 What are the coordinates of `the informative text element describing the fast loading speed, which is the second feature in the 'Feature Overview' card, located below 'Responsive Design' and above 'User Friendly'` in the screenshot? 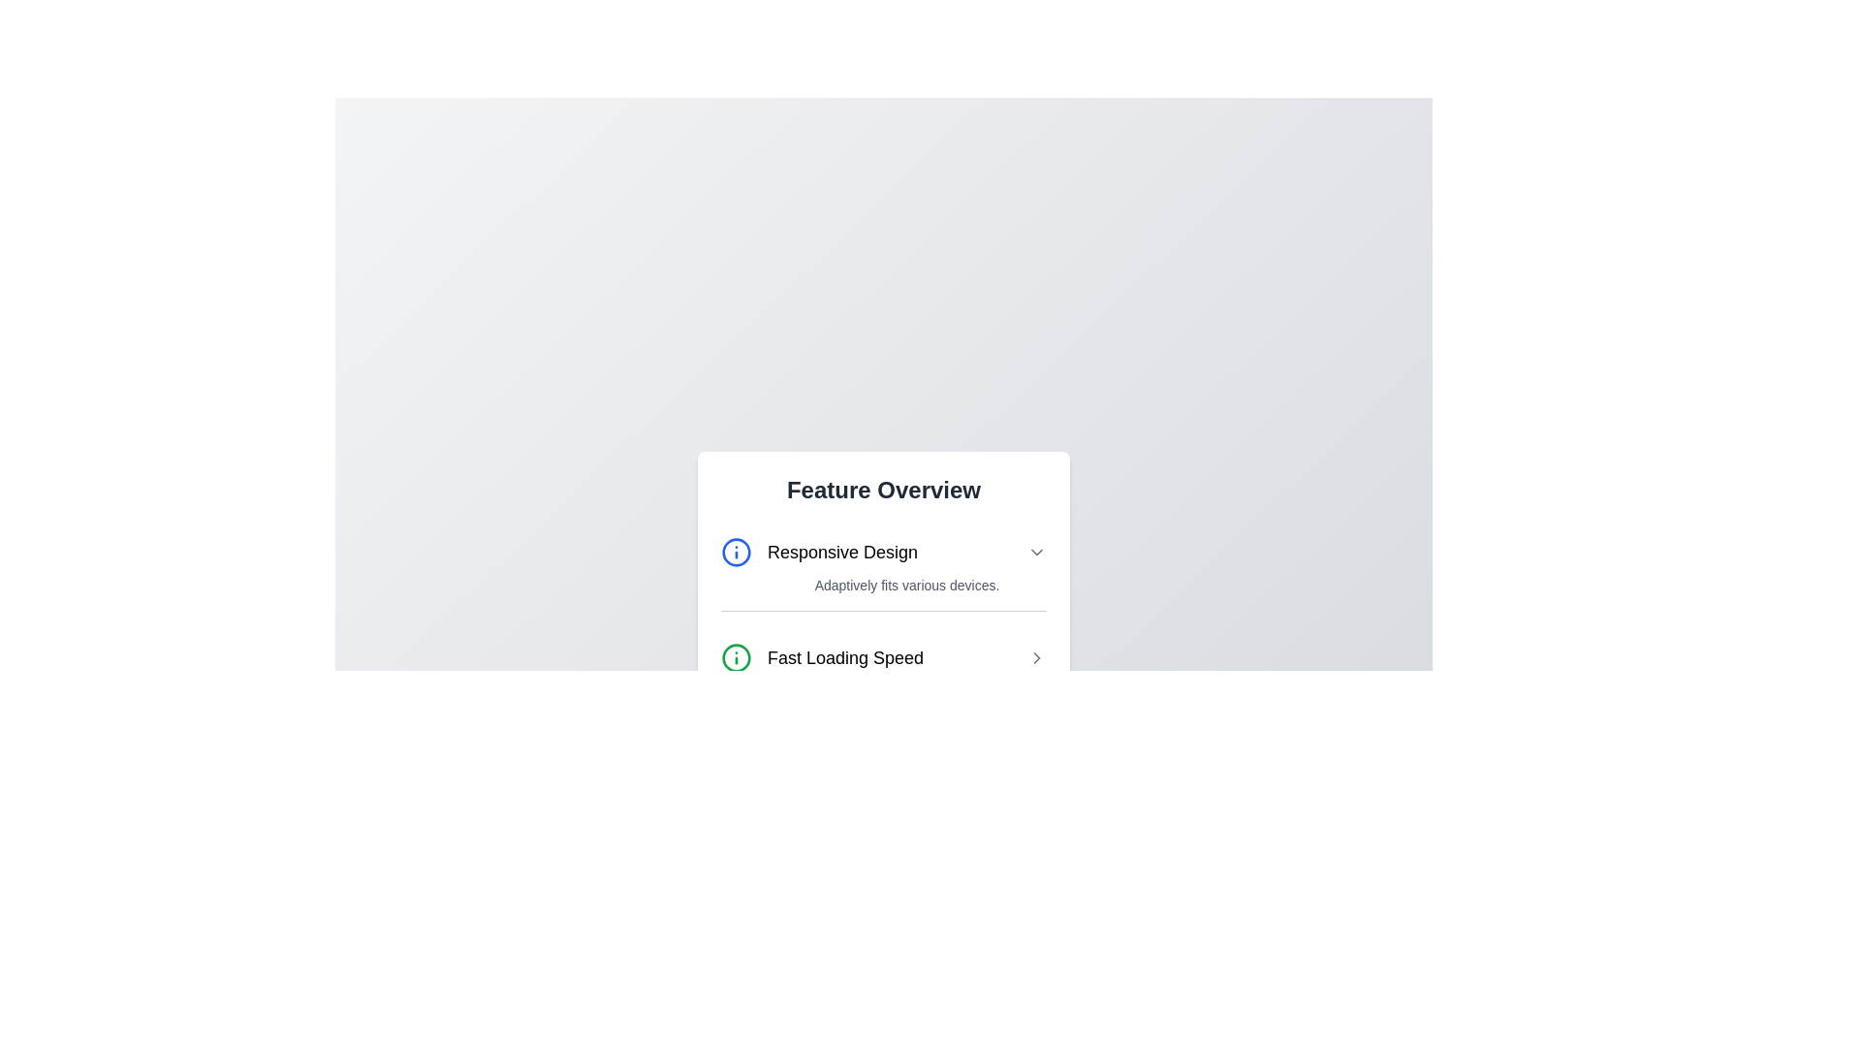 It's located at (883, 644).